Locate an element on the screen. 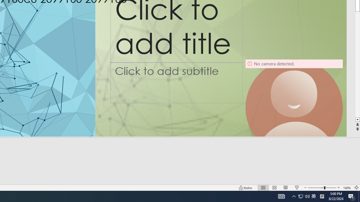 This screenshot has width=360, height=202. 'Normal' is located at coordinates (263, 188).